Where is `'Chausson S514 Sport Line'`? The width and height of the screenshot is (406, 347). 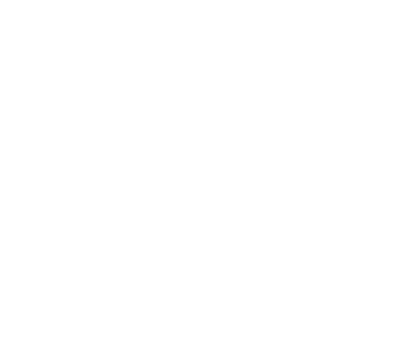
'Chausson S514 Sport Line' is located at coordinates (174, 209).